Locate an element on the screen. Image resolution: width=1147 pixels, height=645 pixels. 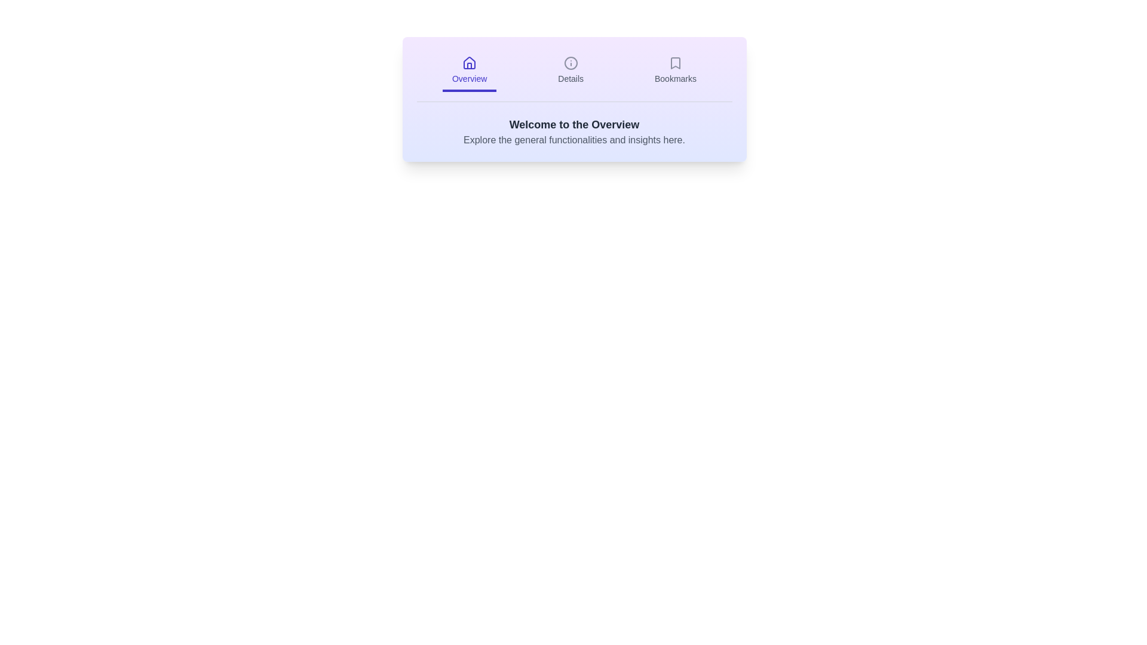
the 'Overview' icon located in the top-left corner of the navigation bar, which serves as a shortcut to the home section of the application is located at coordinates (469, 63).